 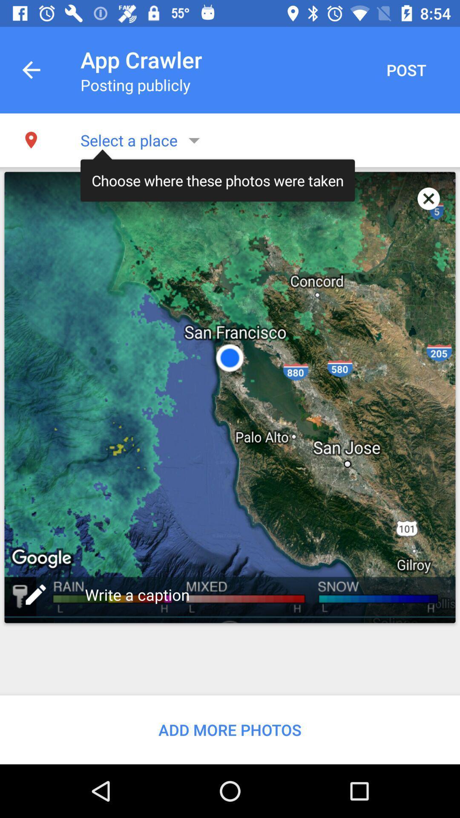 What do you see at coordinates (405, 70) in the screenshot?
I see `item to the right of app crawler icon` at bounding box center [405, 70].